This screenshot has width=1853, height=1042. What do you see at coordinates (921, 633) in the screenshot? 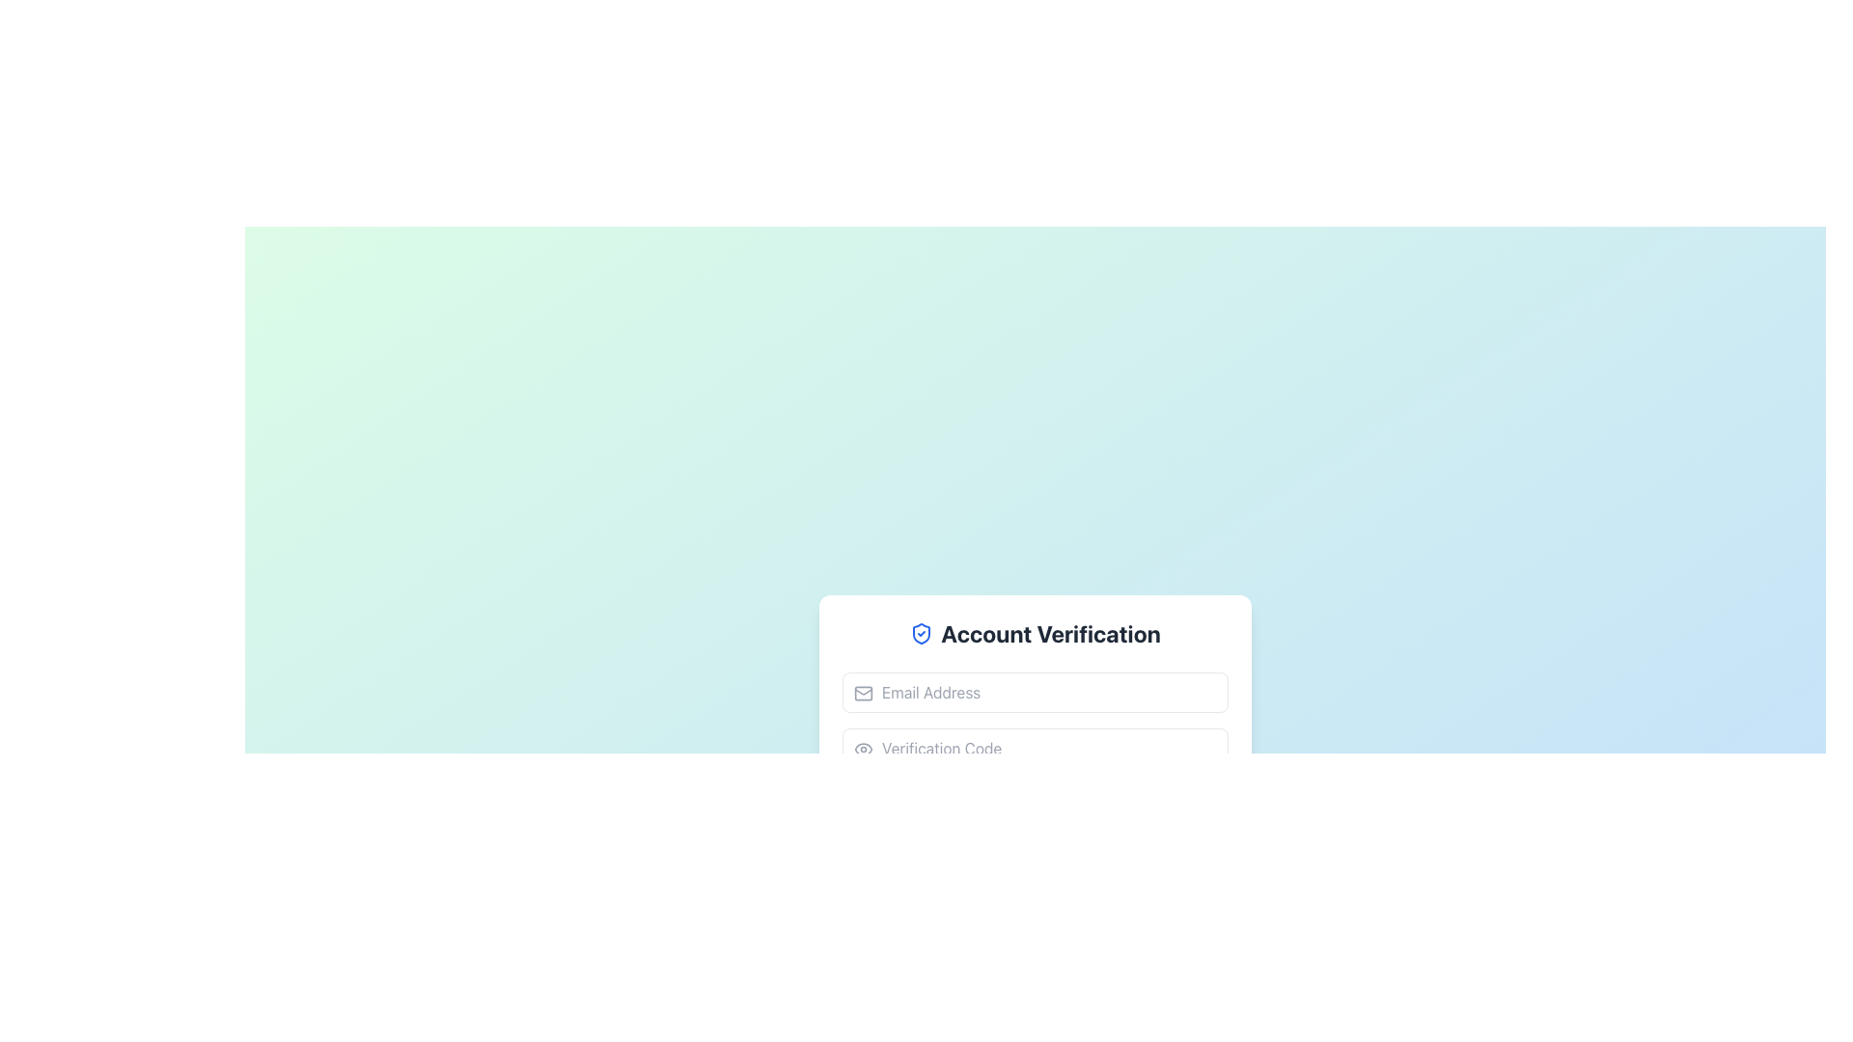
I see `the security icon located to the left of the 'Account Verification' heading in the header area of the card-like component` at bounding box center [921, 633].